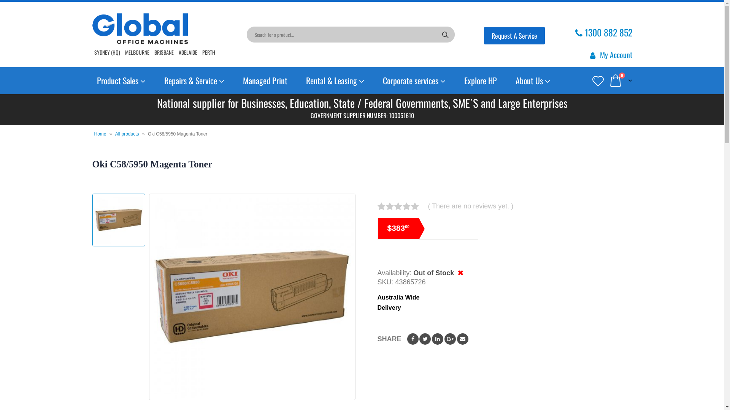  Describe the element at coordinates (378, 80) in the screenshot. I see `'Corporate services'` at that location.